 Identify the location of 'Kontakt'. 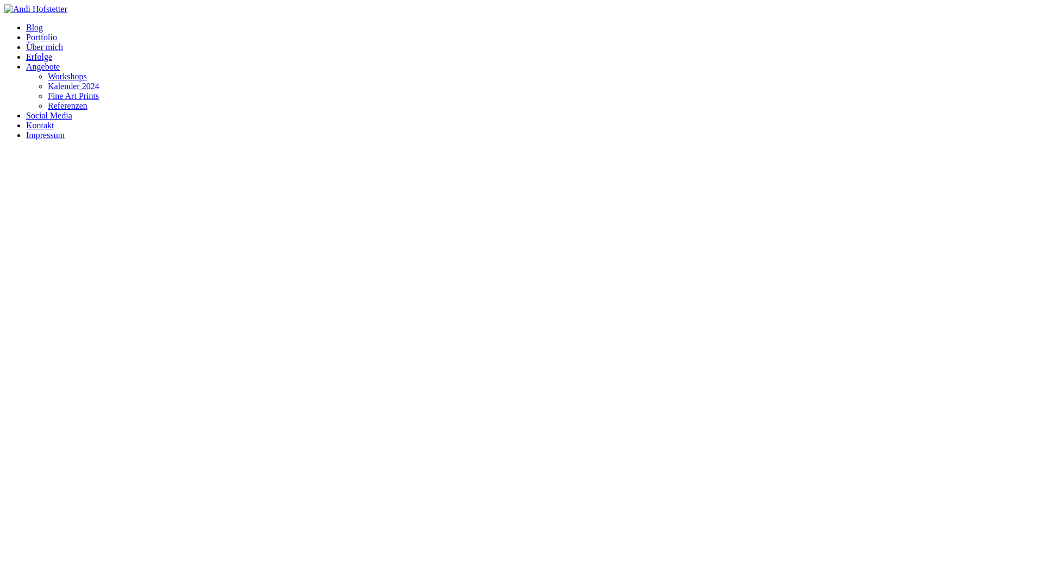
(40, 124).